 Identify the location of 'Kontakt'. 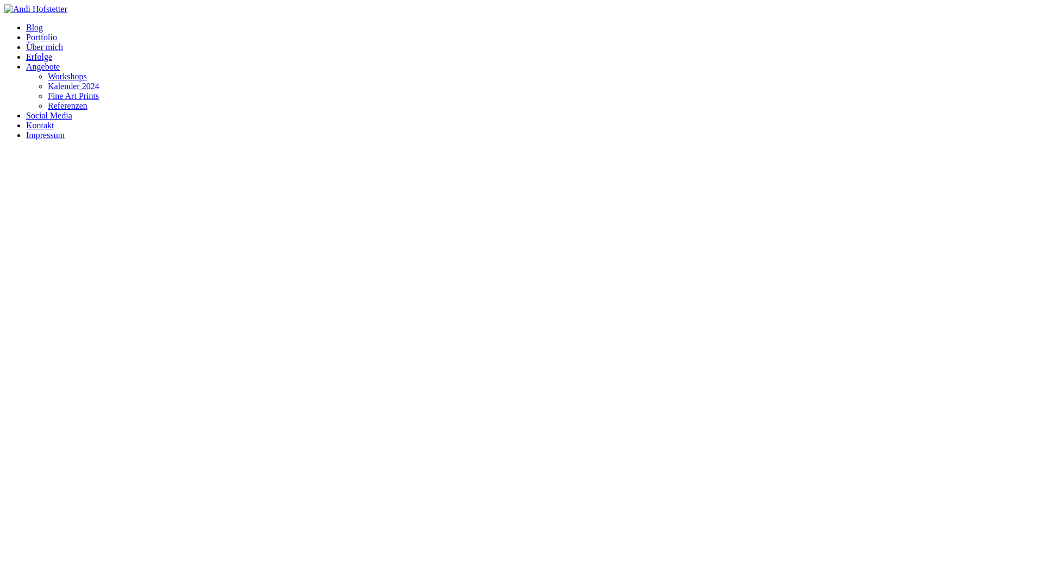
(40, 124).